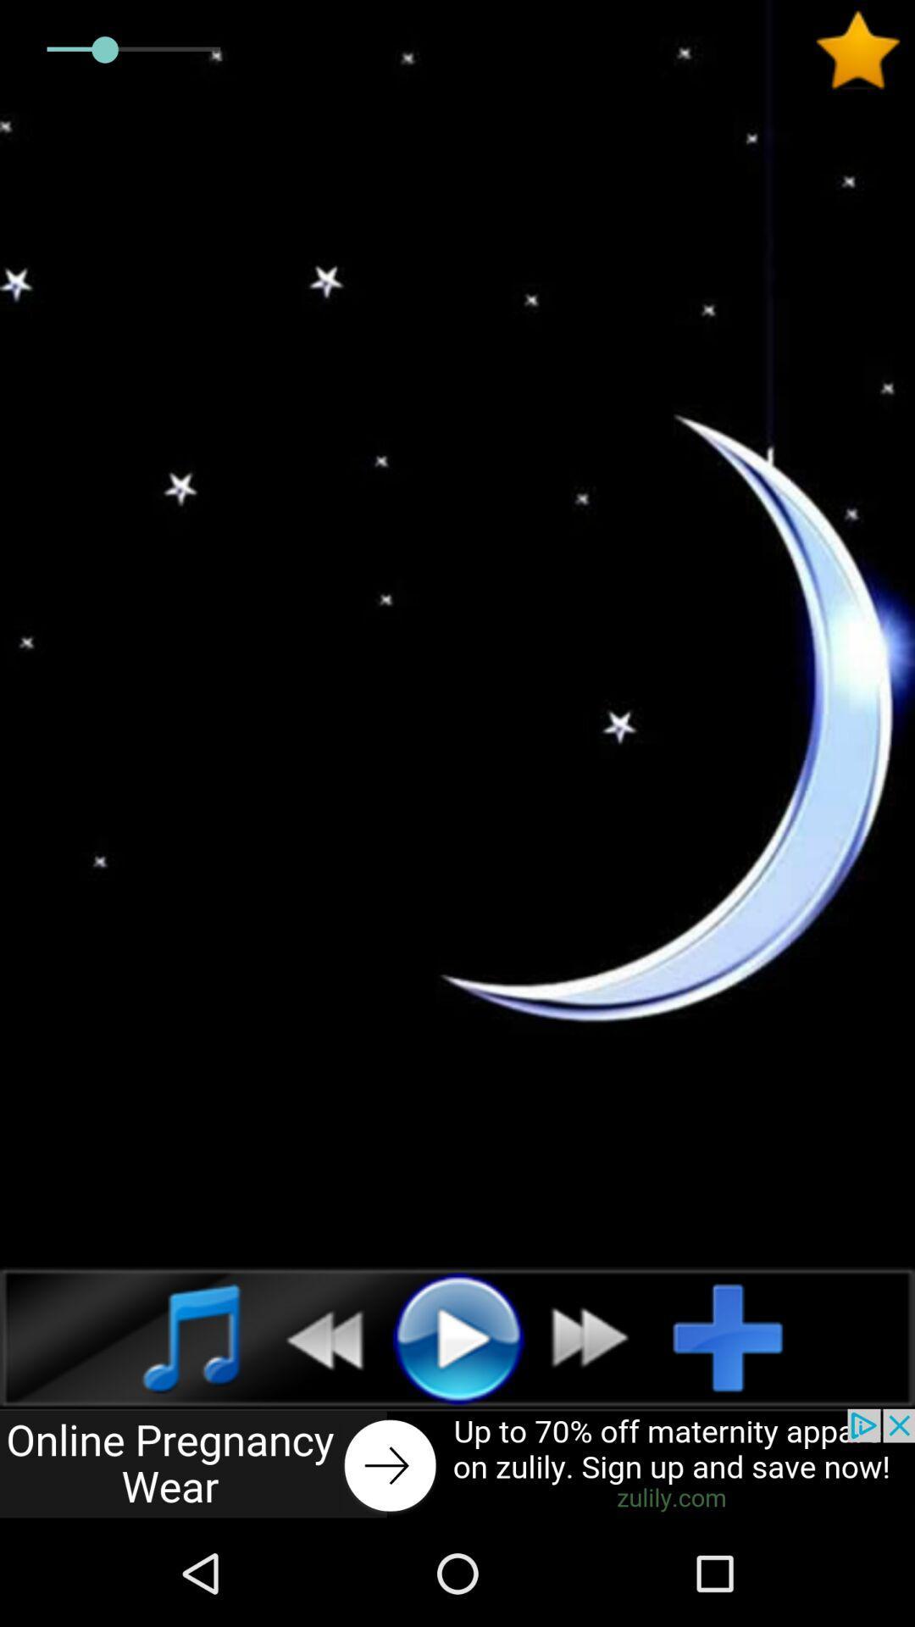  What do you see at coordinates (740, 1336) in the screenshot?
I see `selection` at bounding box center [740, 1336].